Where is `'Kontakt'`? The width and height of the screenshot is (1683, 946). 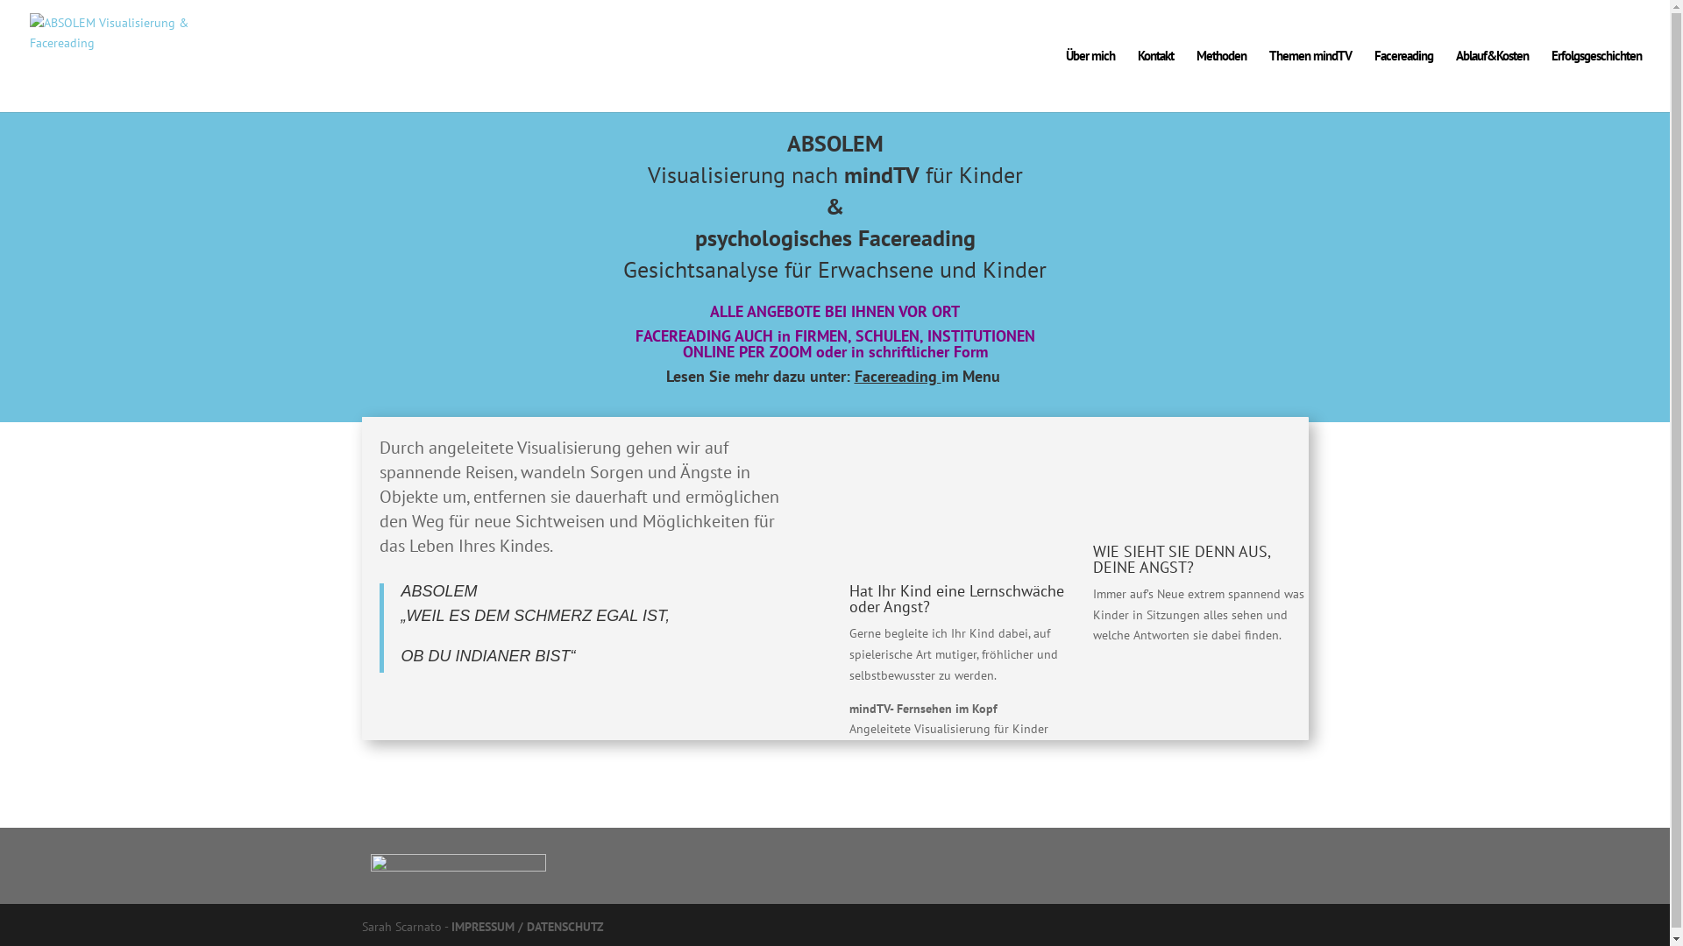 'Kontakt' is located at coordinates (1137, 81).